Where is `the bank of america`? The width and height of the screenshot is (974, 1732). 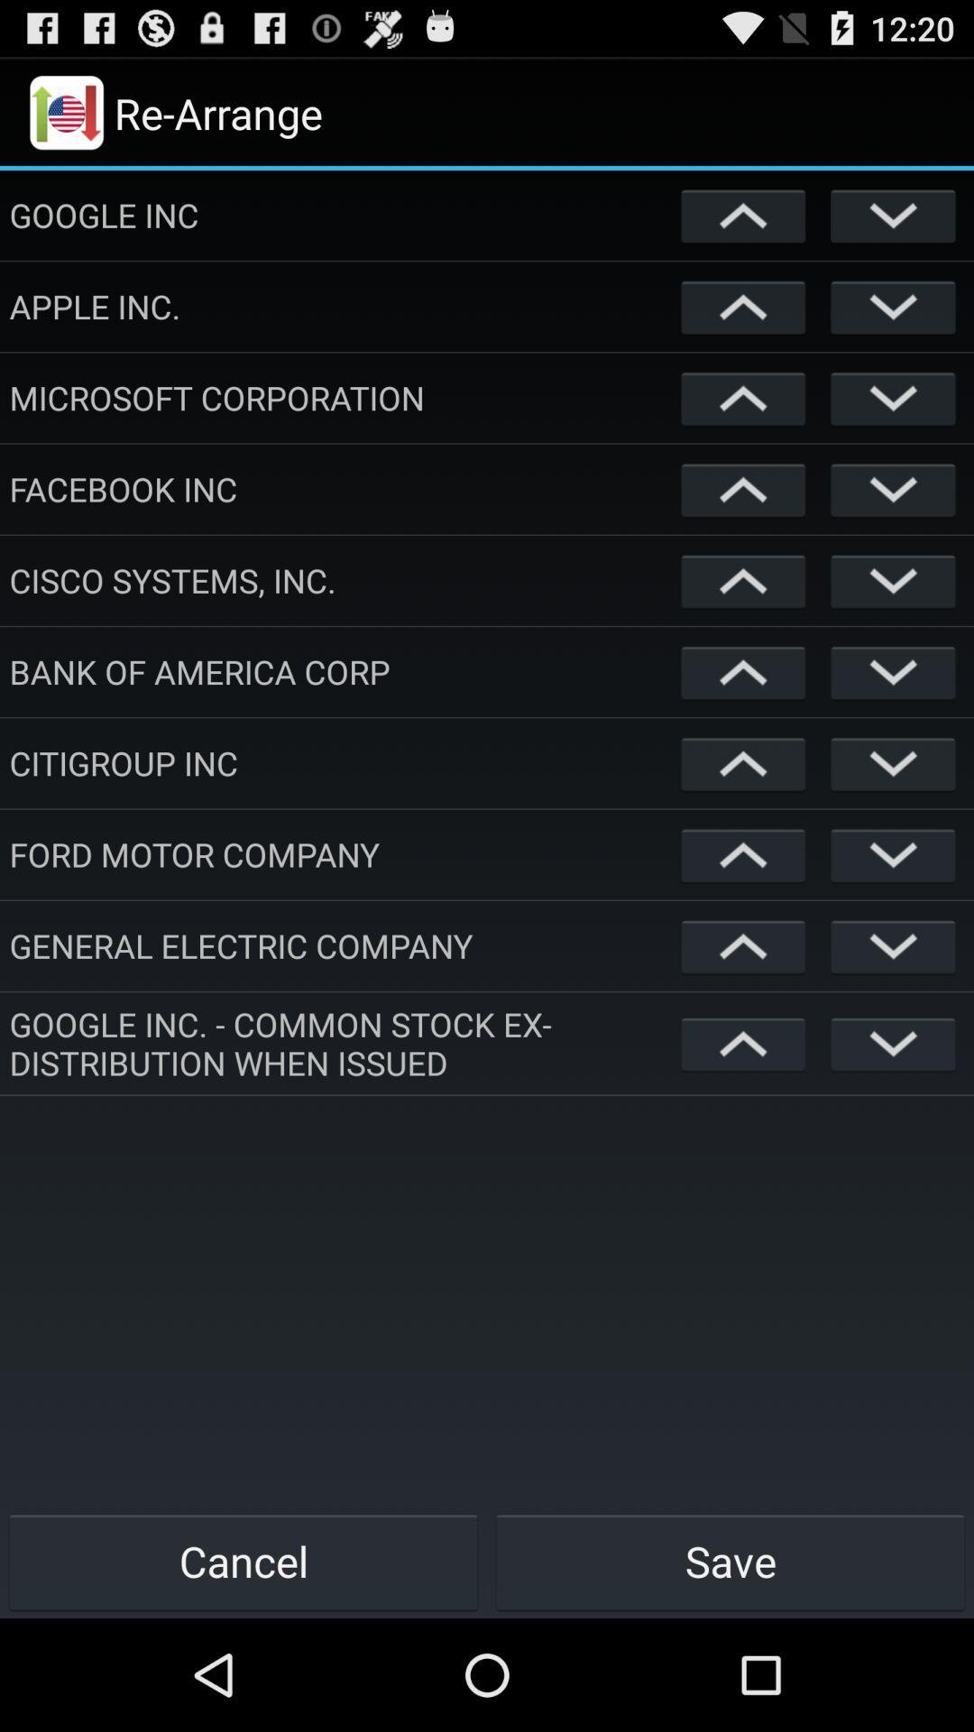 the bank of america is located at coordinates (341, 670).